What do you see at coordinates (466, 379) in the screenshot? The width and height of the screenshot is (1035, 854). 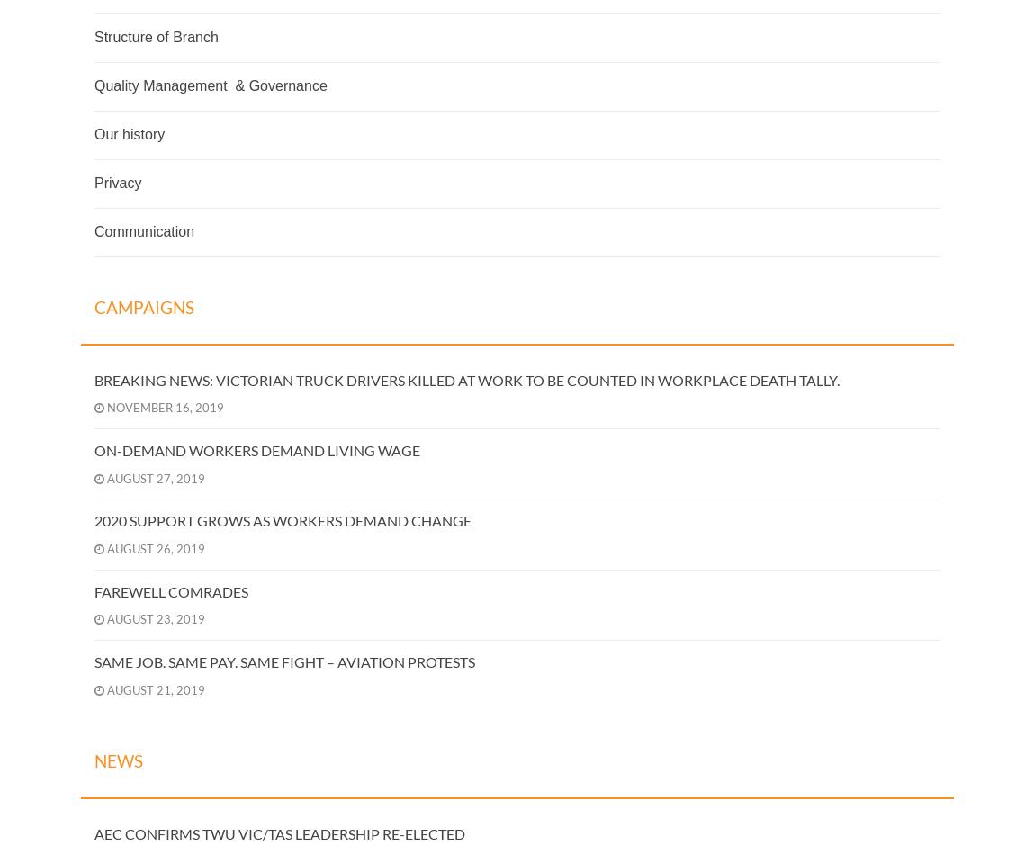 I see `'BREAKING NEWS: VICTORIAN TRUCK DRIVERS KILLED AT WORK TO BE COUNTED IN WORKPLACE DEATH TALLY.'` at bounding box center [466, 379].